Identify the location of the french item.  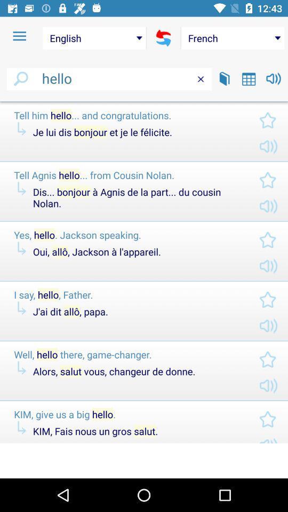
(232, 38).